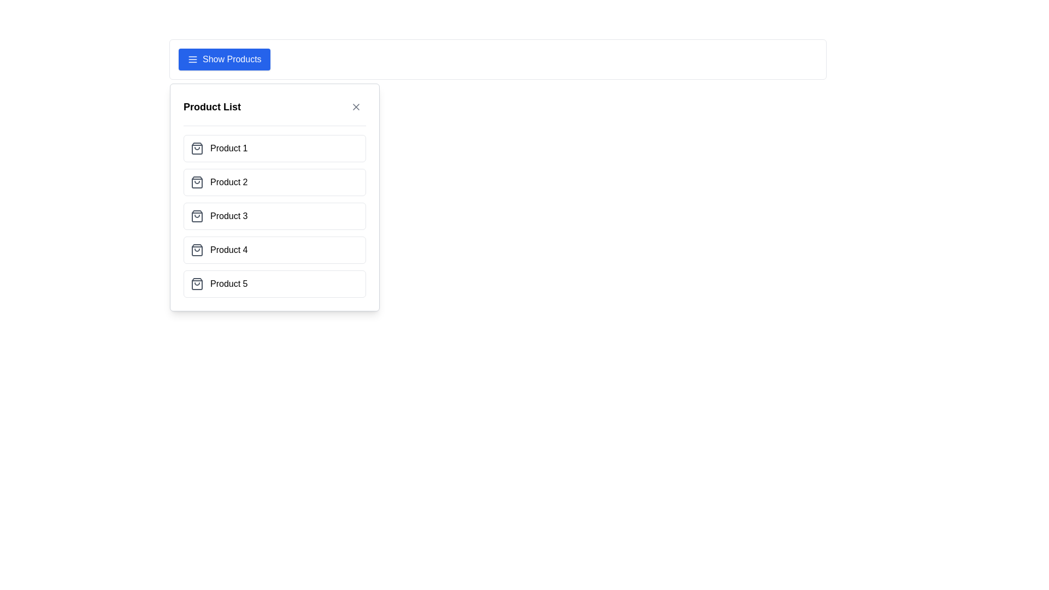  Describe the element at coordinates (197, 250) in the screenshot. I see `the shopping bag icon located to the left of the 'Product 4' text in the 'Product List' panel` at that location.